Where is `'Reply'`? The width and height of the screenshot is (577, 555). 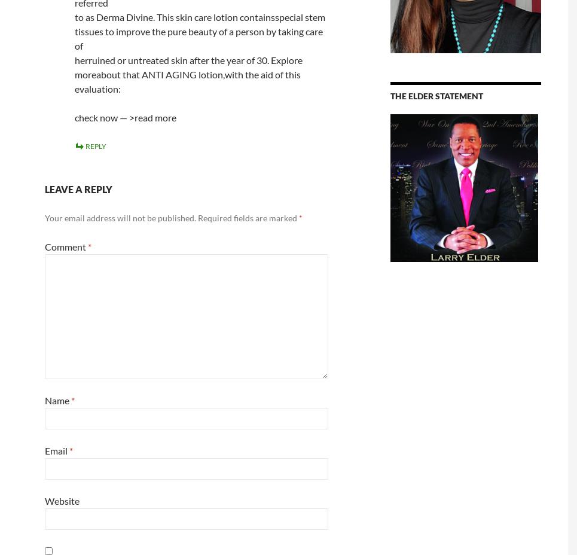 'Reply' is located at coordinates (94, 145).